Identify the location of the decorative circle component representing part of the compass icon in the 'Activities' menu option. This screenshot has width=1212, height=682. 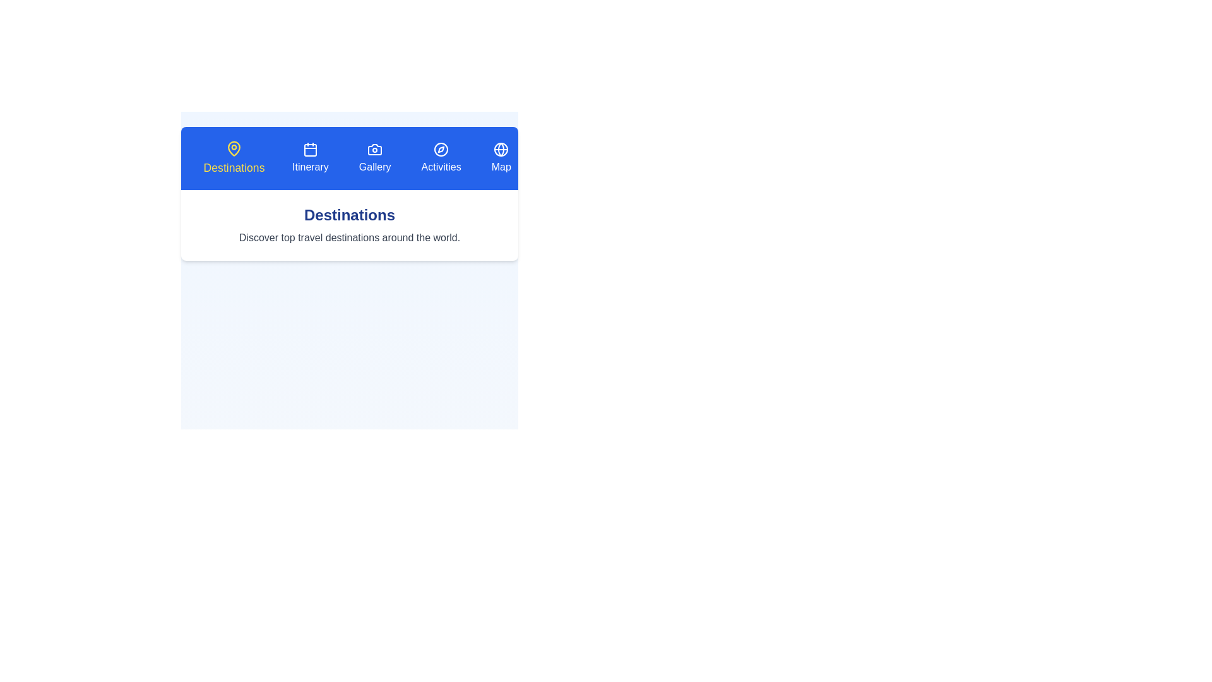
(441, 148).